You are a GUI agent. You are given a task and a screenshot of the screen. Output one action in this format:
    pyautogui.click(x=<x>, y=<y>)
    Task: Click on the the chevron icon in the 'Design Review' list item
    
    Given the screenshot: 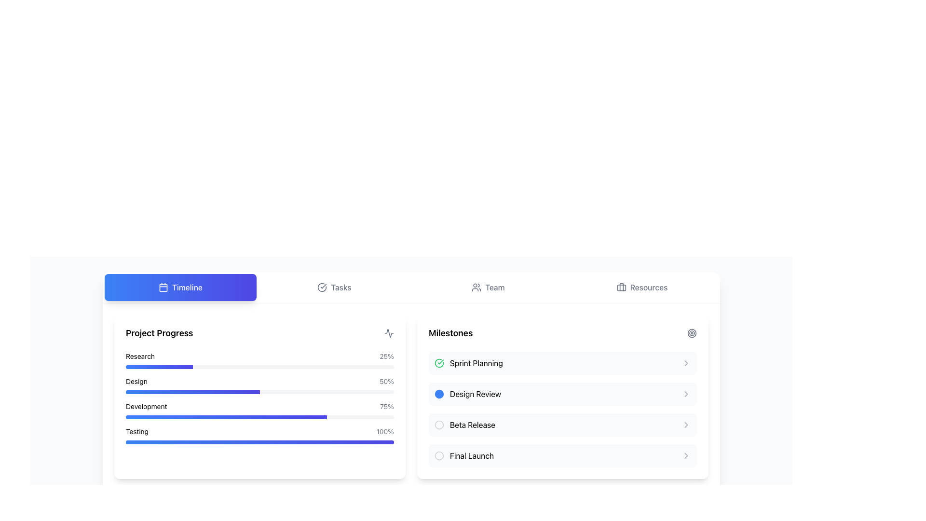 What is the action you would take?
    pyautogui.click(x=685, y=394)
    